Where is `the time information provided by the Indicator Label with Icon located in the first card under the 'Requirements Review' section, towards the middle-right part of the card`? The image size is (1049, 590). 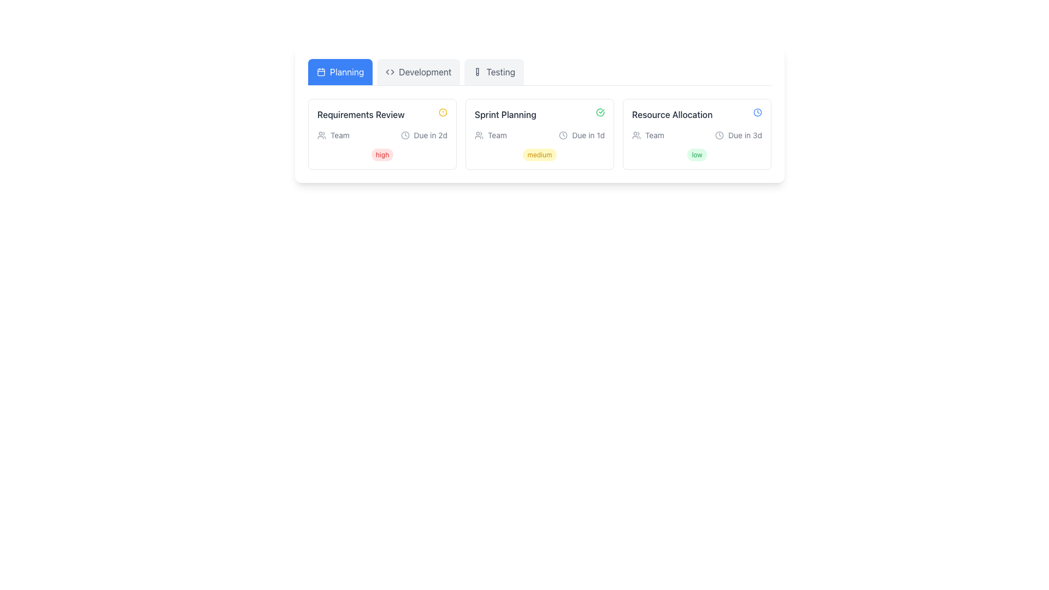 the time information provided by the Indicator Label with Icon located in the first card under the 'Requirements Review' section, towards the middle-right part of the card is located at coordinates (423, 134).